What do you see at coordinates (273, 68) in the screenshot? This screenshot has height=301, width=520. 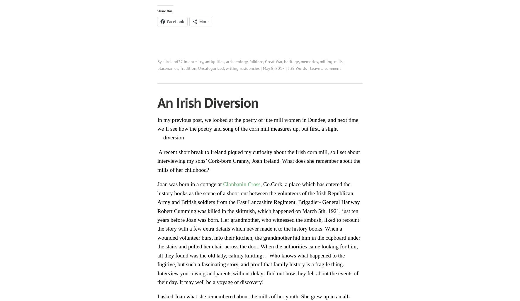 I see `'May 8, 2017'` at bounding box center [273, 68].